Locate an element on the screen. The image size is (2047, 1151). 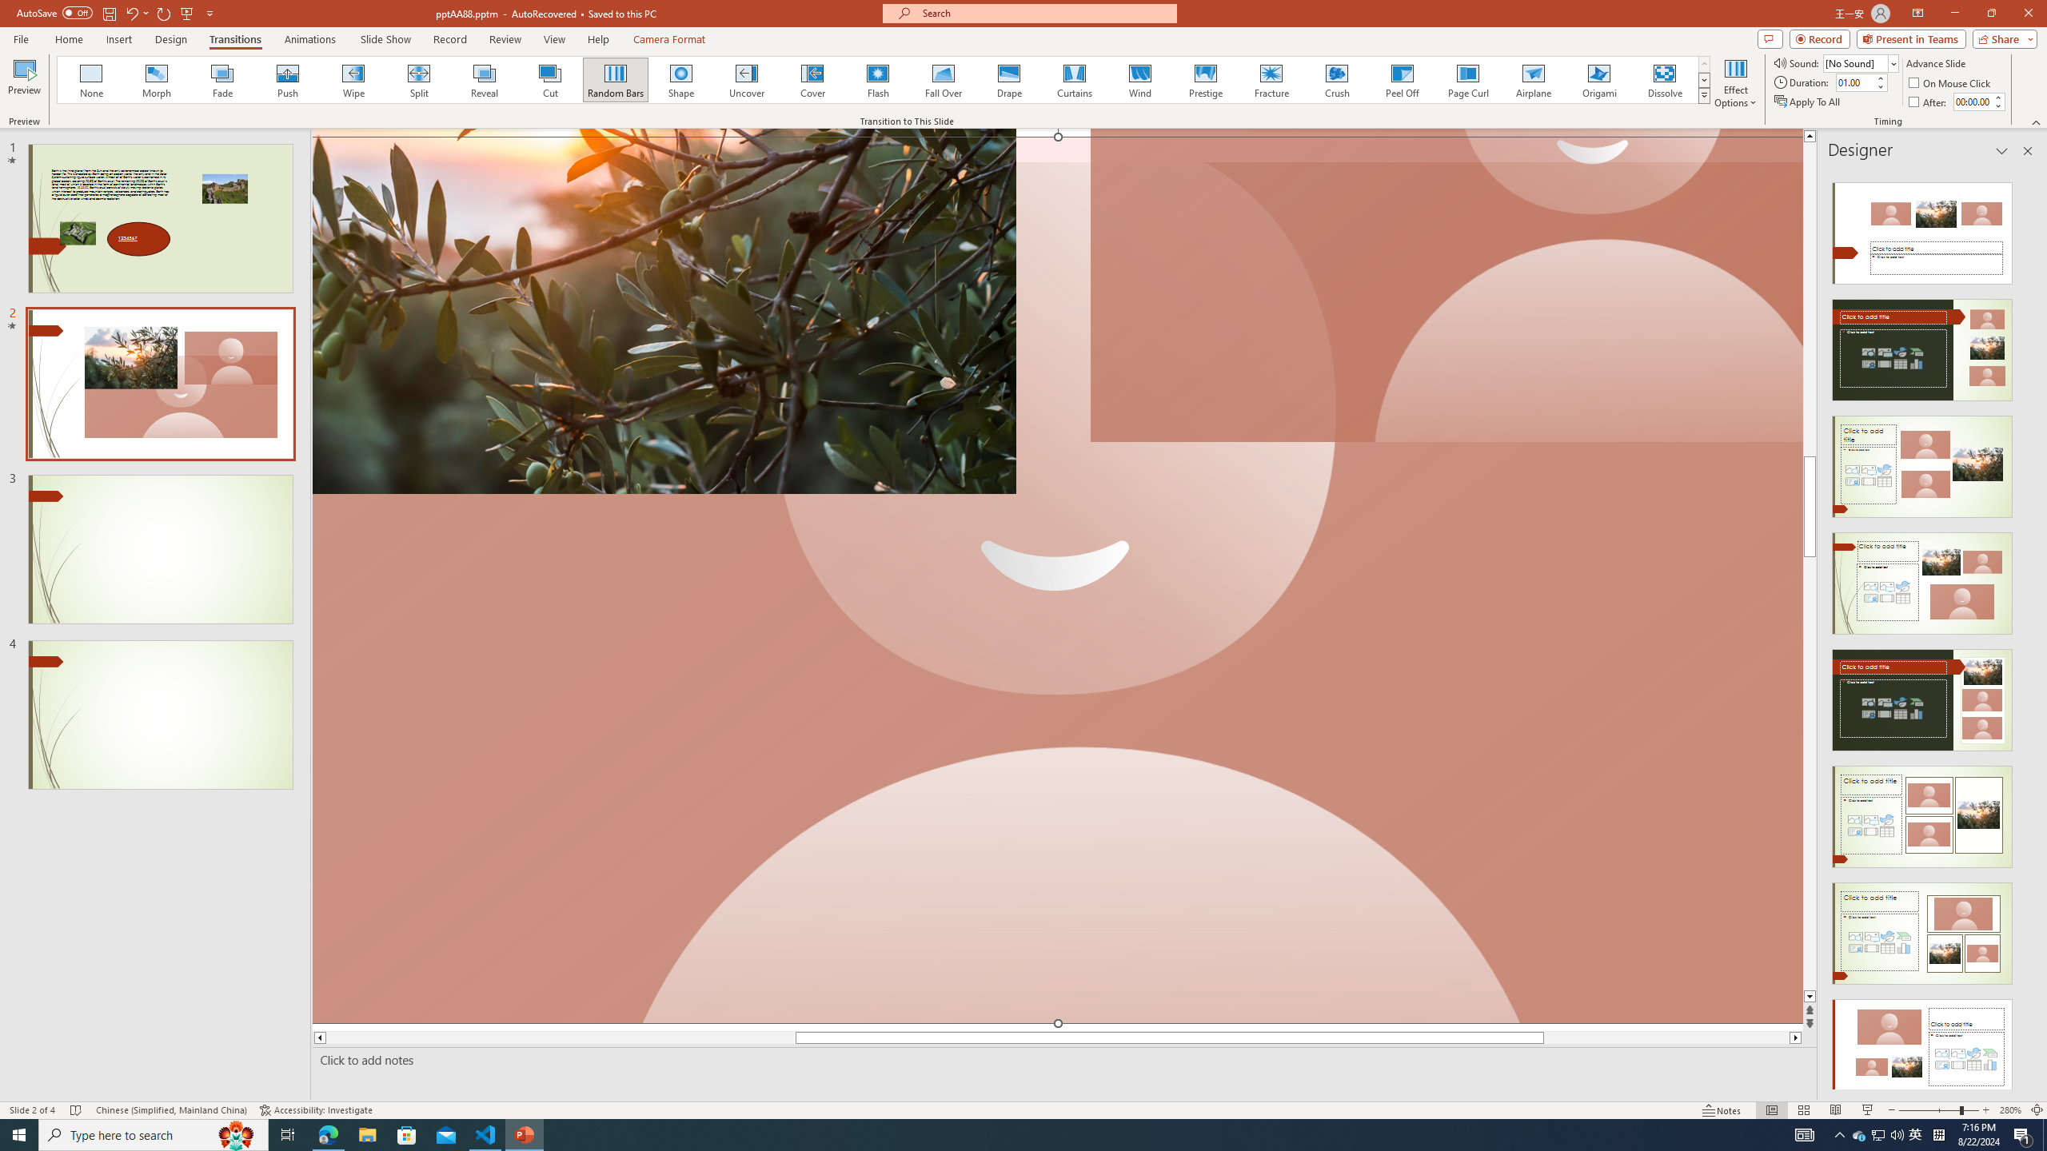
'Morph' is located at coordinates (157, 79).